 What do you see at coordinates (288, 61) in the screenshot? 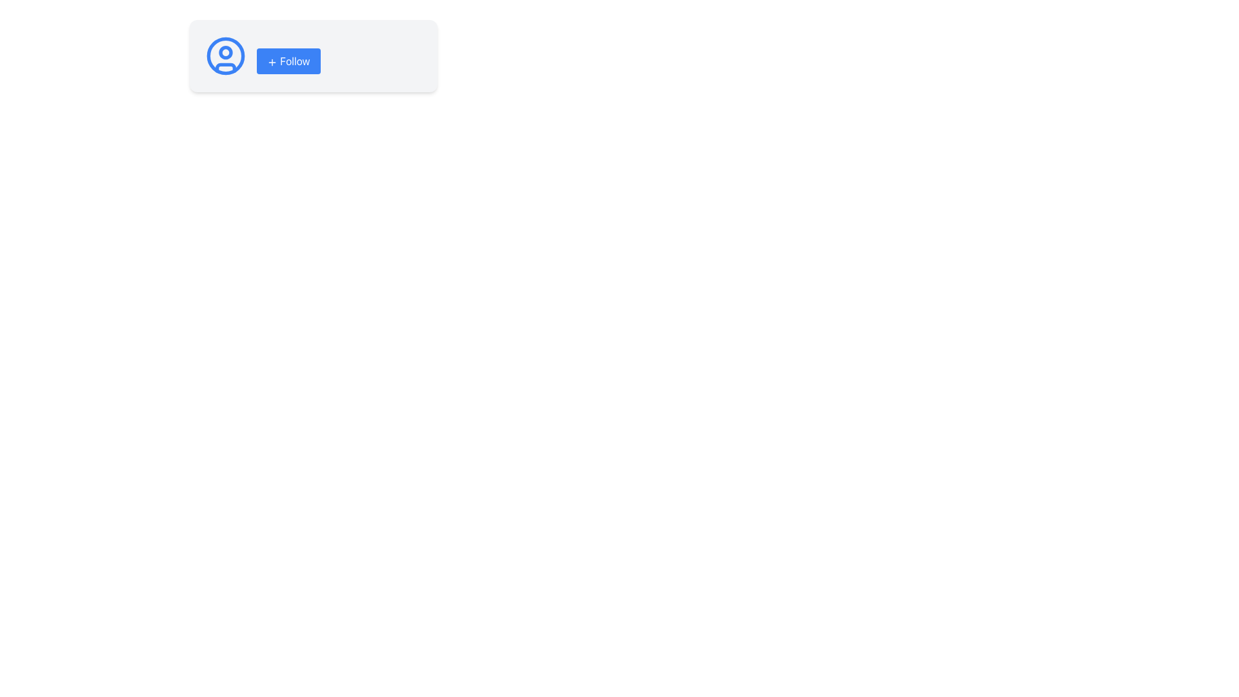
I see `the follow button located near the top-center of the panel, just to the right of the user profile icon` at bounding box center [288, 61].